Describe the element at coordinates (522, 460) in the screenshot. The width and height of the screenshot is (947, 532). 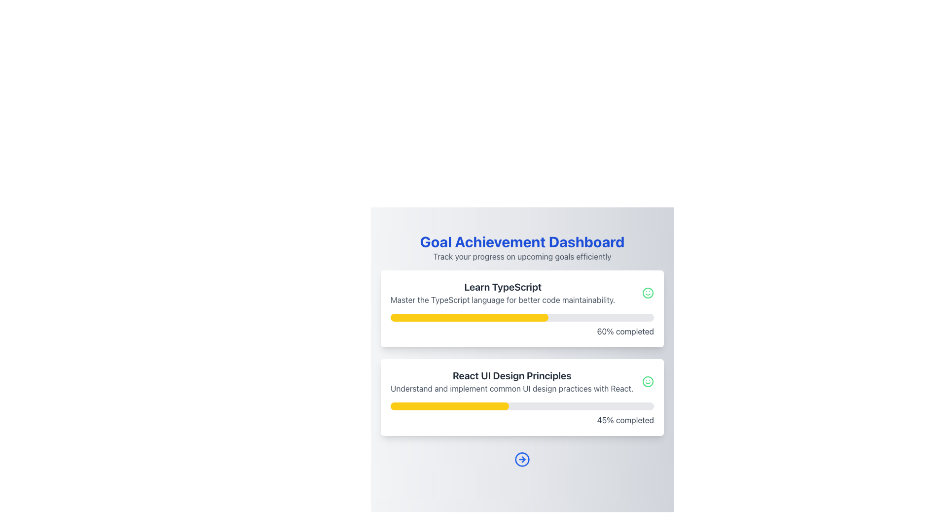
I see `the navigational button located at the bottom center of the interface to proceed to the next section` at that location.